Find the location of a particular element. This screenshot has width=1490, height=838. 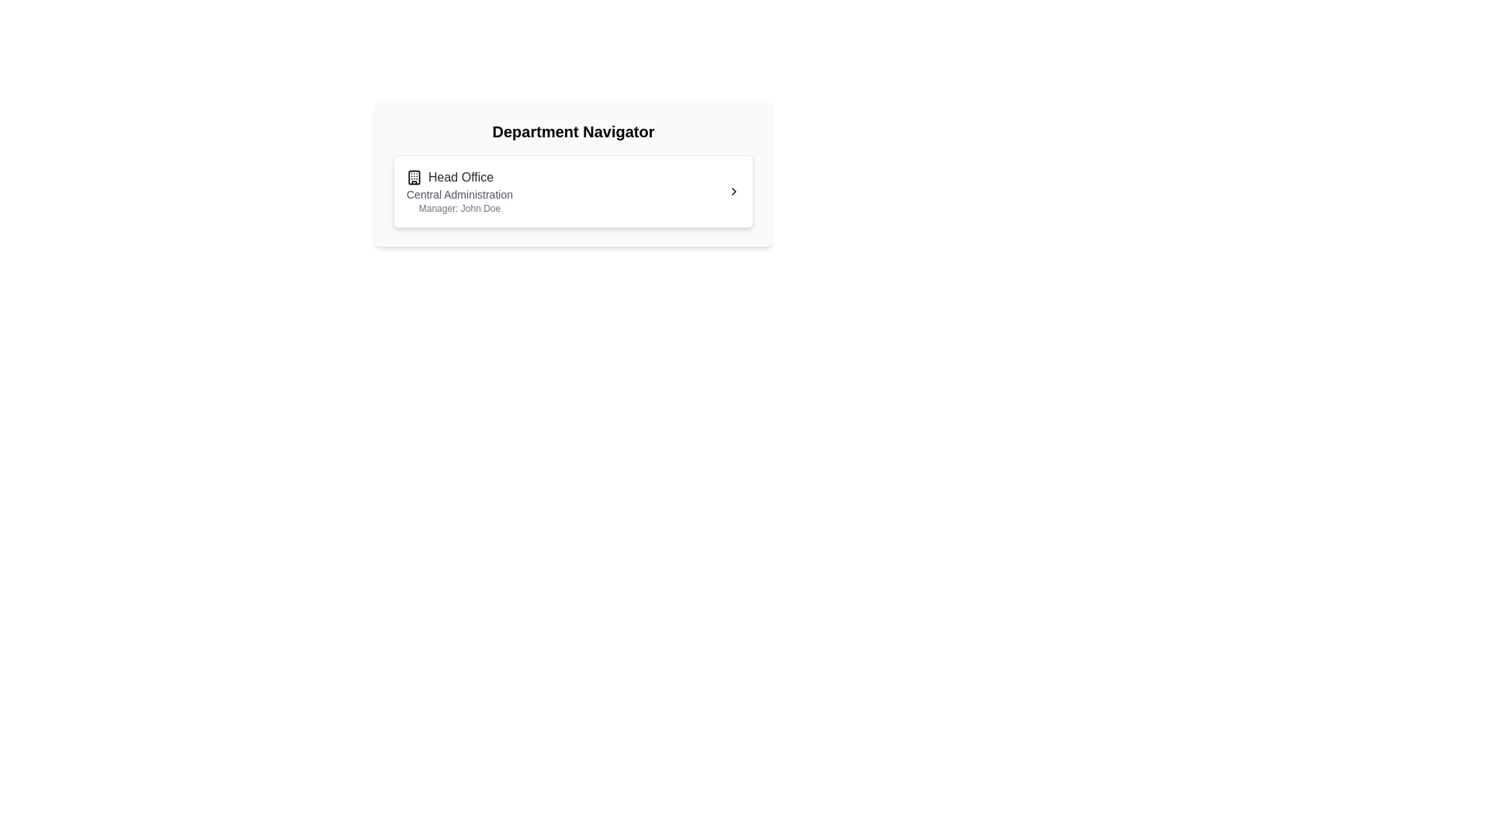

the text label reading 'Central Administration', which is styled with a smaller font size and light gray color, located directly below the 'Head Office' text is located at coordinates (459, 193).